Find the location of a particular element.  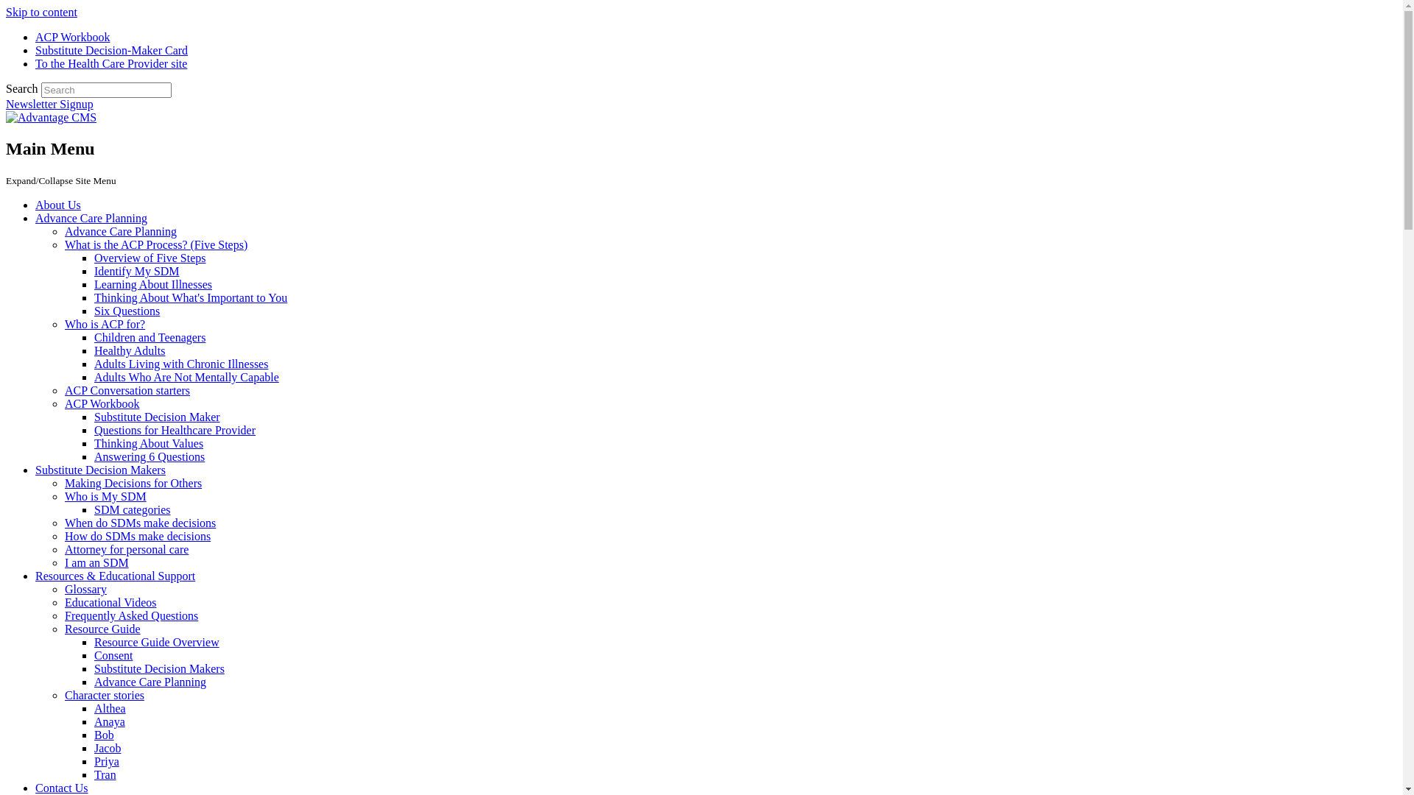

'Healthy Adults' is located at coordinates (130, 350).